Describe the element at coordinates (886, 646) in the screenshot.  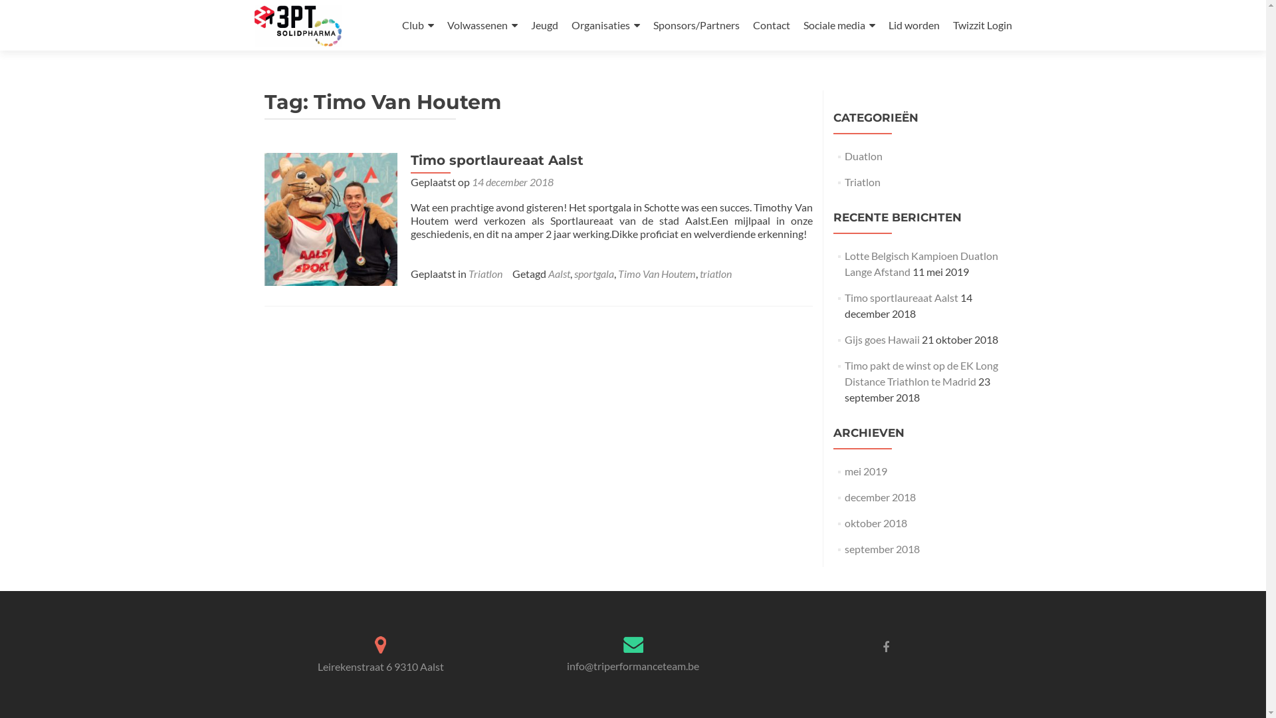
I see `'Facebook link'` at that location.